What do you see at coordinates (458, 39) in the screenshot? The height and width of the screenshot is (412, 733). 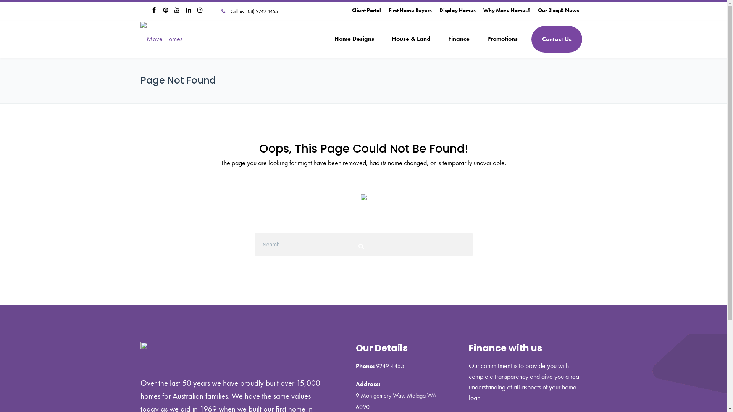 I see `'Finance'` at bounding box center [458, 39].